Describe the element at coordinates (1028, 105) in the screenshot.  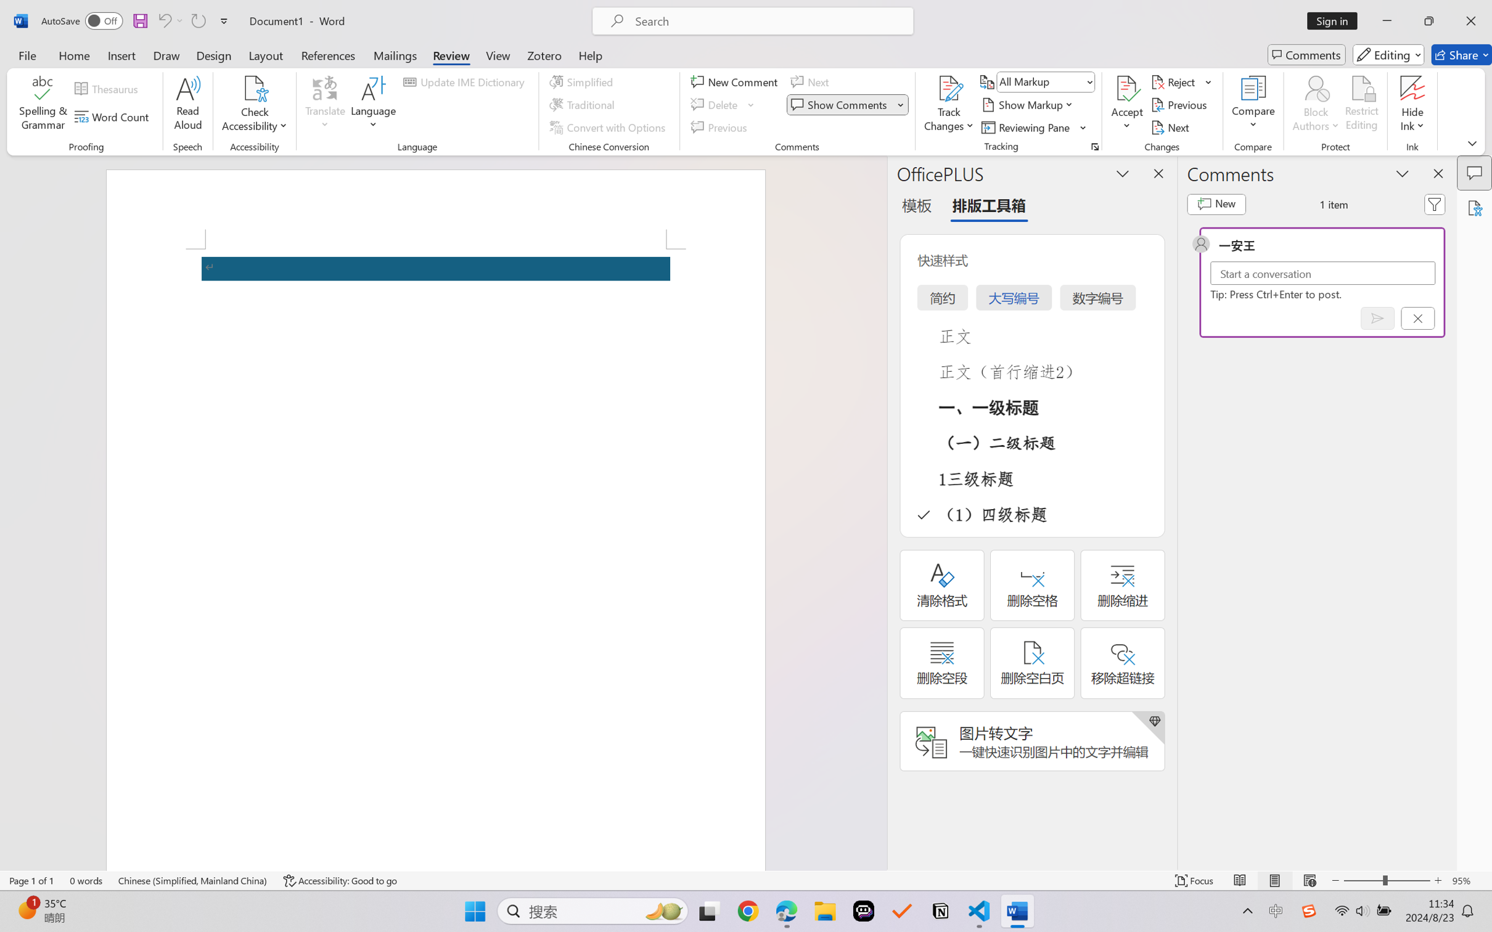
I see `'Show Markup'` at that location.